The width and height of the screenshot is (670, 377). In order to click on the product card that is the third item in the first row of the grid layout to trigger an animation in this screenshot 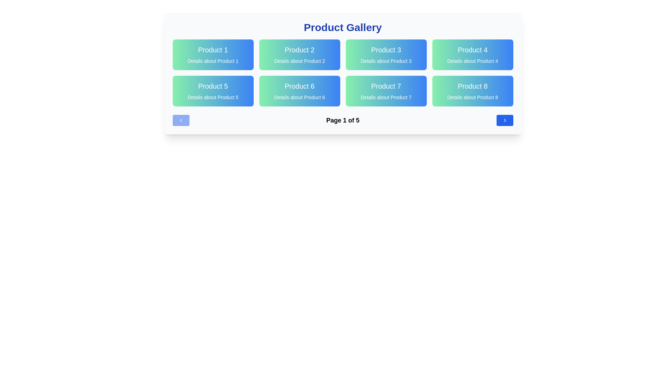, I will do `click(386, 54)`.